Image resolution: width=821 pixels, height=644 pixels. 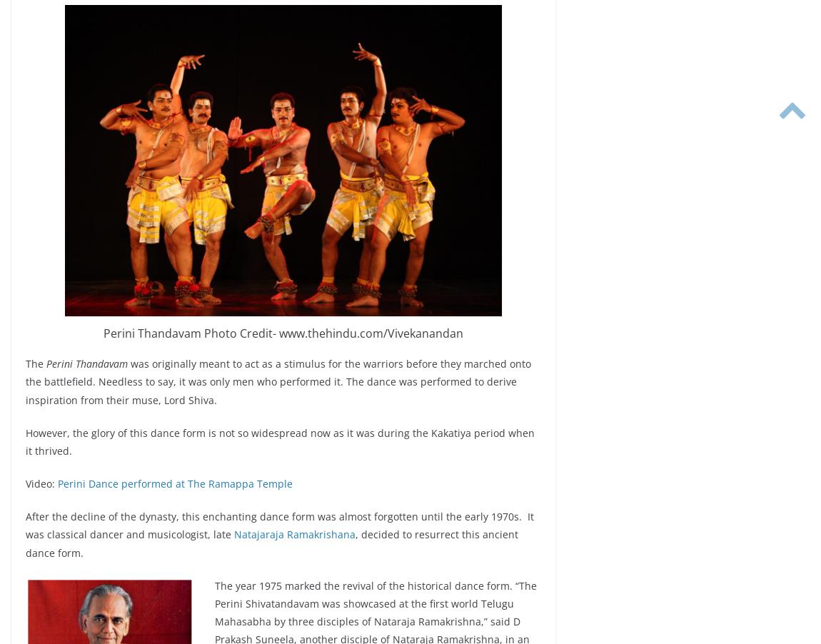 I want to click on 'Perini Thandavam Photo Credit- www.thehindu.com/Vivekanandan', so click(x=282, y=332).